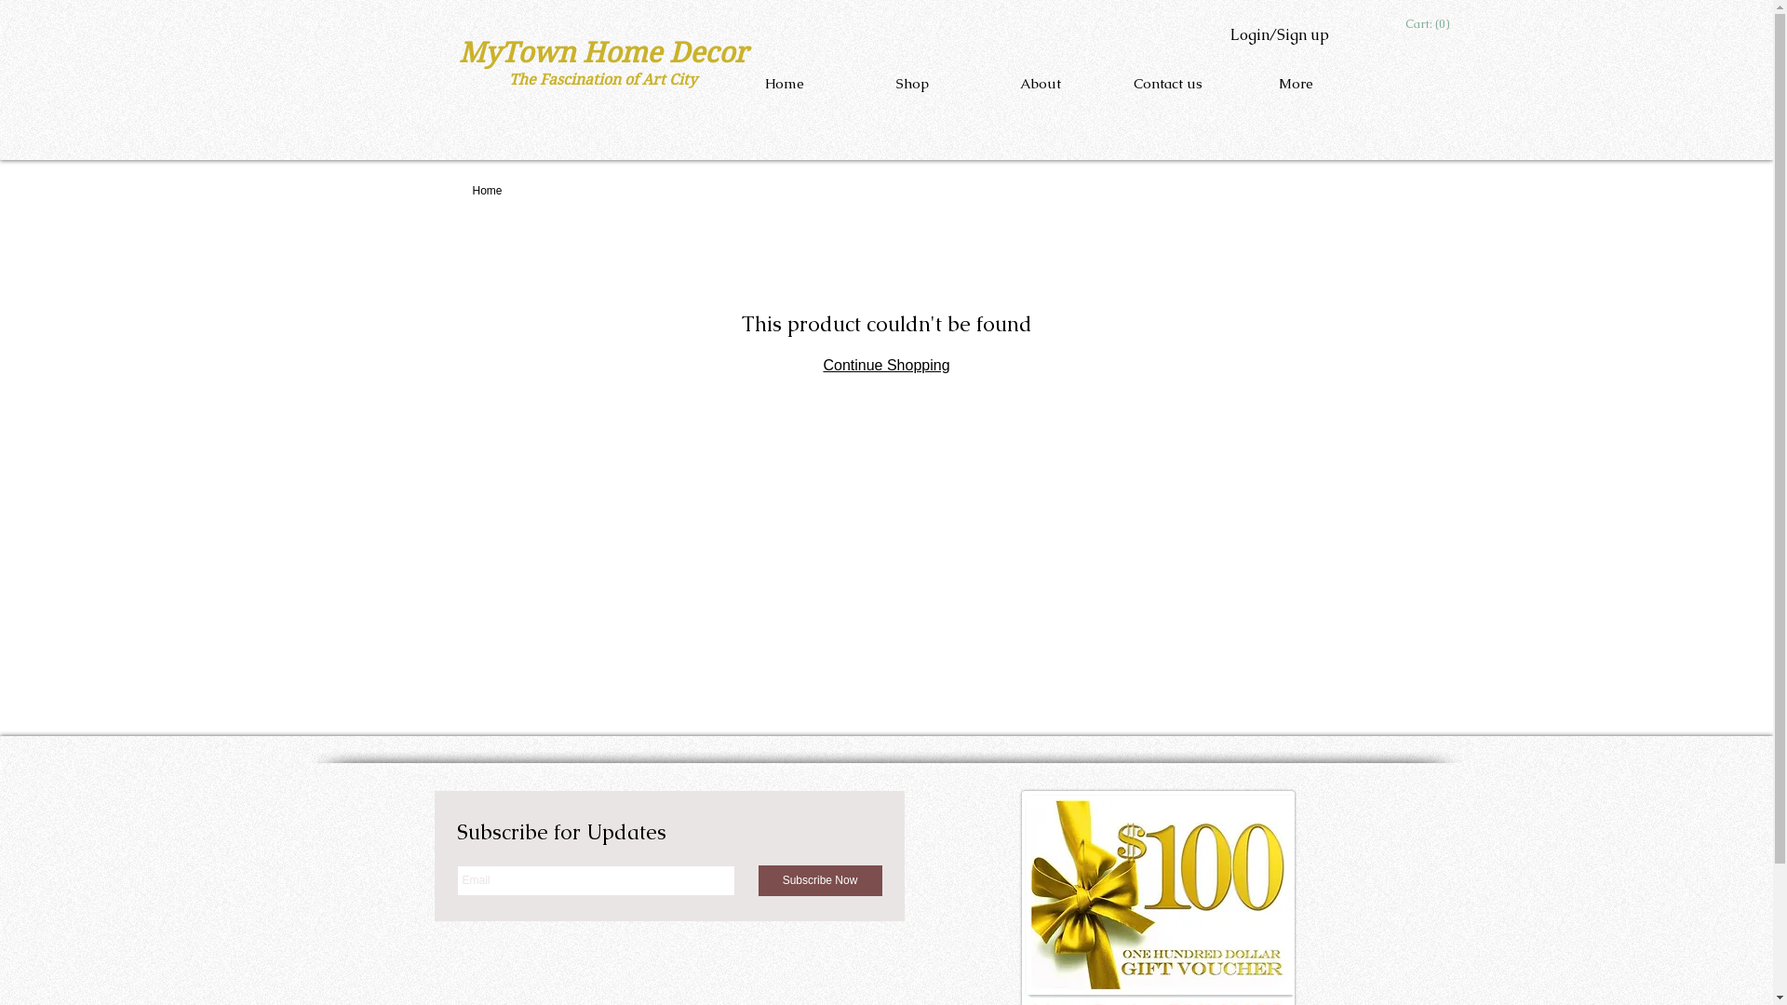 This screenshot has height=1005, width=1787. What do you see at coordinates (884, 365) in the screenshot?
I see `'Continue Shopping'` at bounding box center [884, 365].